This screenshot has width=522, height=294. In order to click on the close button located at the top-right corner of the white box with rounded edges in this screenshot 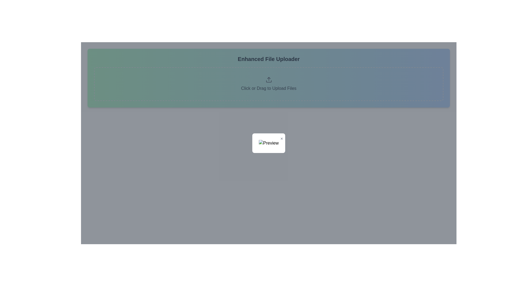, I will do `click(282, 138)`.